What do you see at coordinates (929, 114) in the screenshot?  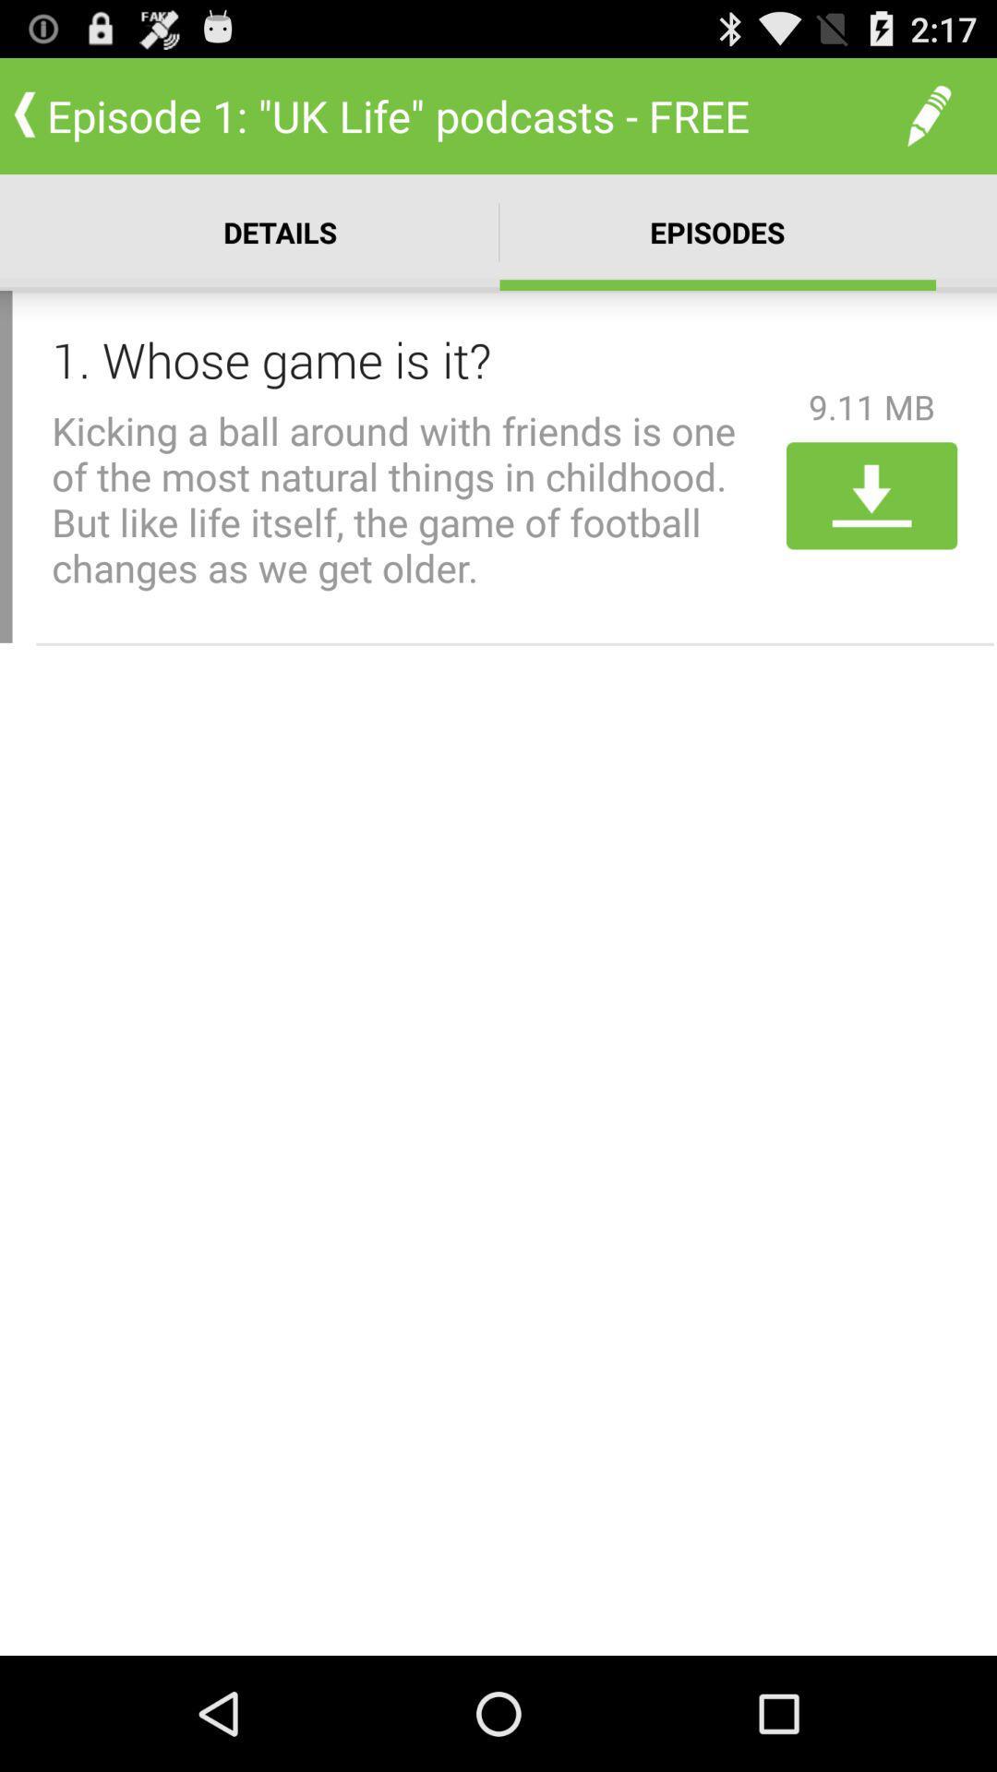 I see `the app next to episode 1 uk app` at bounding box center [929, 114].